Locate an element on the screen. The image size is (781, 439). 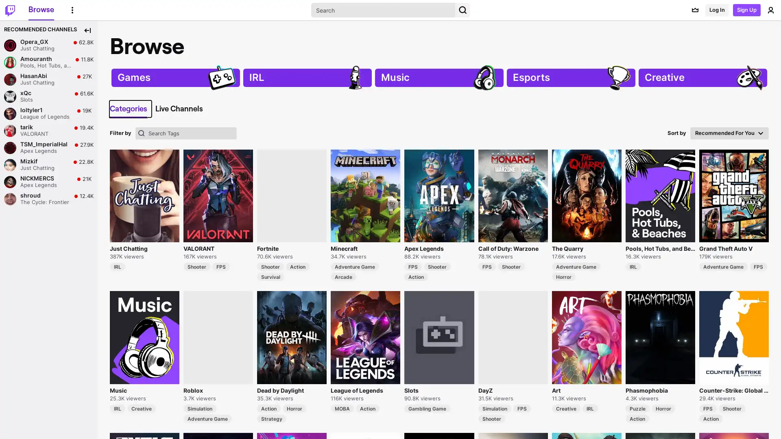
More is located at coordinates (72, 9).